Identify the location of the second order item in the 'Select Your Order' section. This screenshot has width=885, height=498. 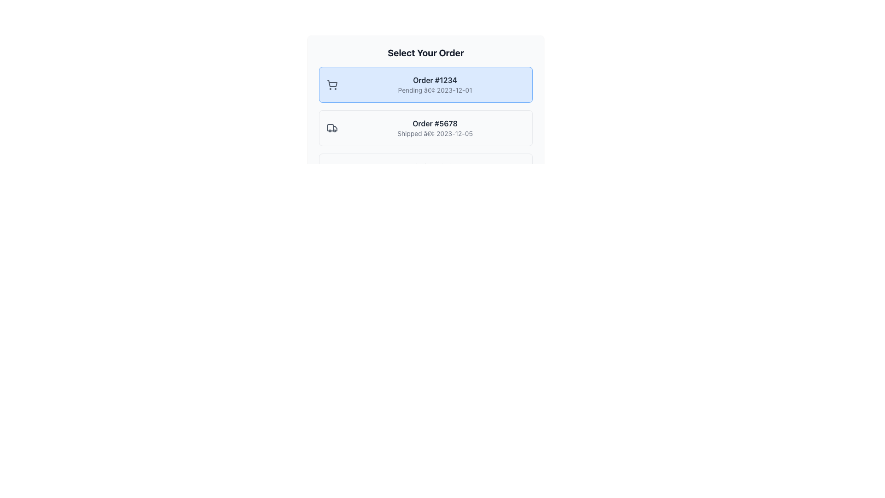
(425, 128).